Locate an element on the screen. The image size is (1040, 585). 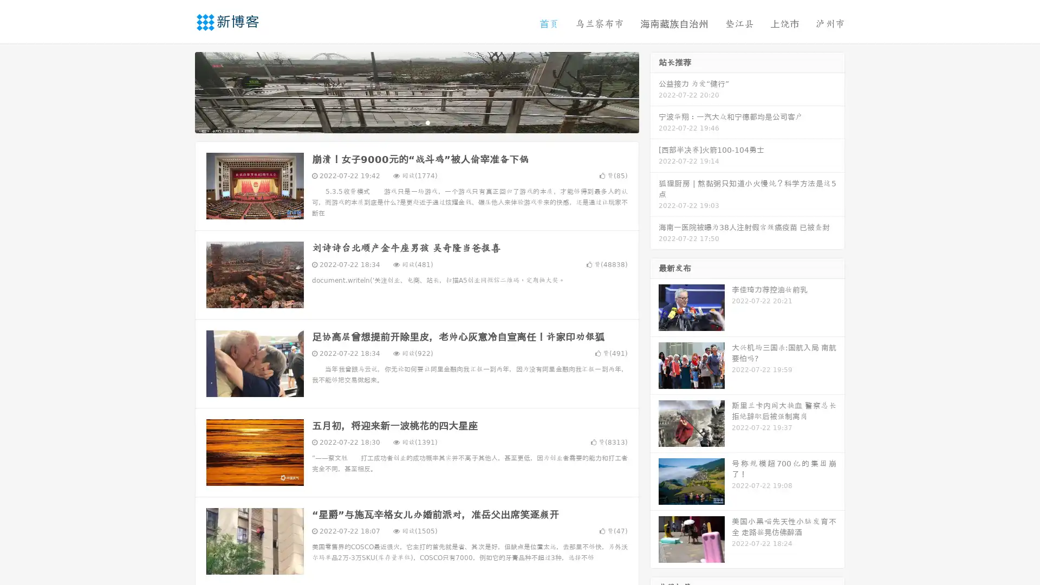
Go to slide 3 is located at coordinates (427, 122).